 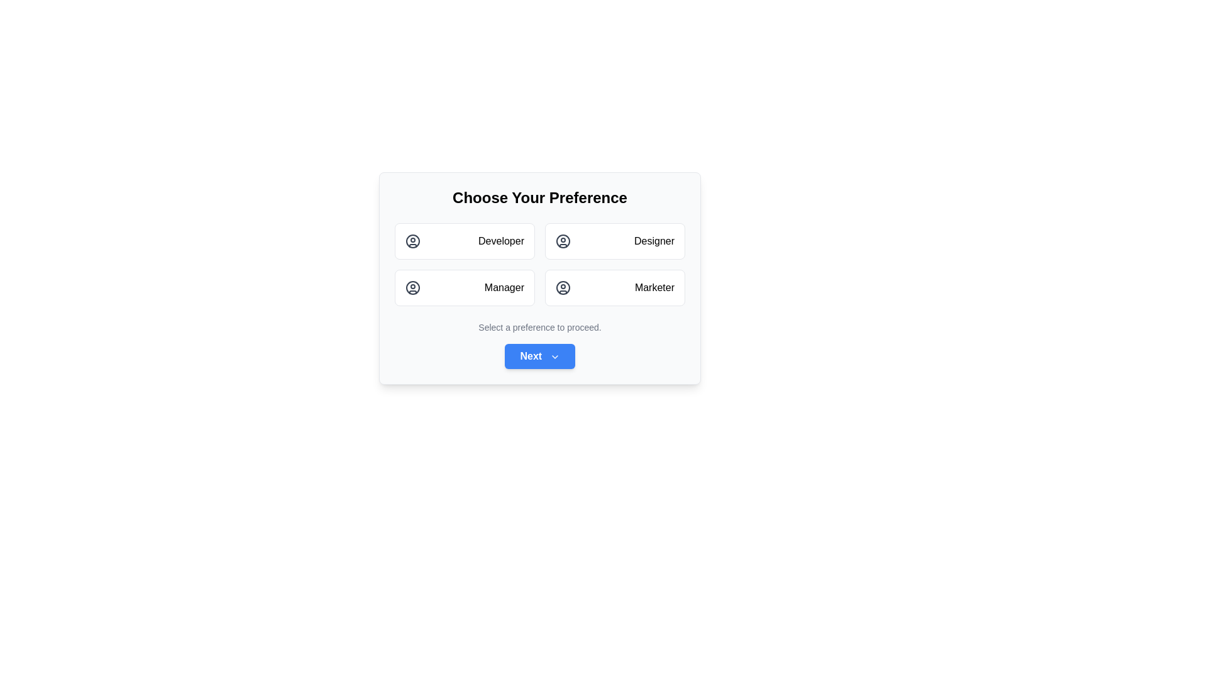 I want to click on the downward chevron icon located to the right of the 'Next' text within the 'Next' button at the bottom right corner of the card, so click(x=554, y=356).